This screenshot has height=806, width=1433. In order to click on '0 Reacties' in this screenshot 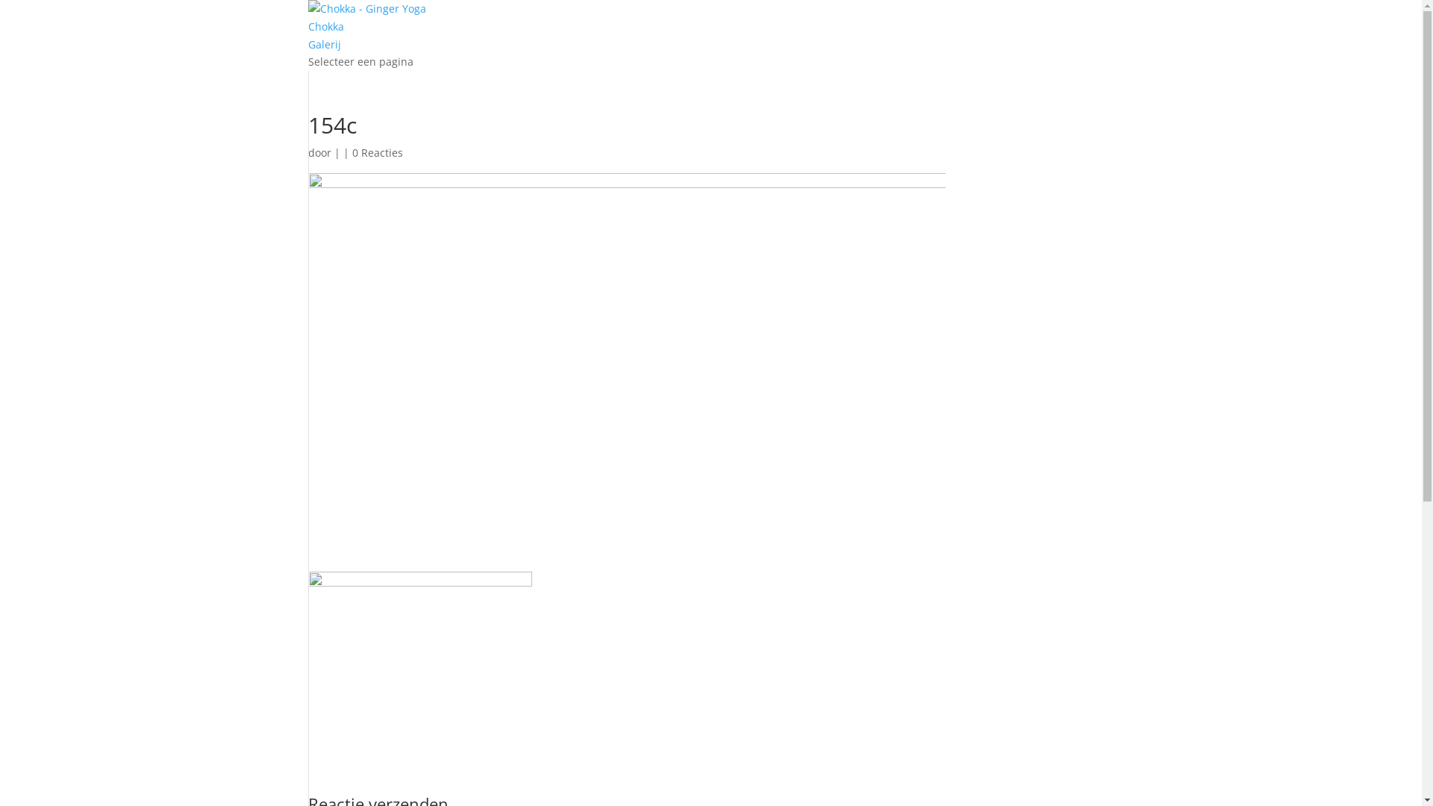, I will do `click(377, 152)`.